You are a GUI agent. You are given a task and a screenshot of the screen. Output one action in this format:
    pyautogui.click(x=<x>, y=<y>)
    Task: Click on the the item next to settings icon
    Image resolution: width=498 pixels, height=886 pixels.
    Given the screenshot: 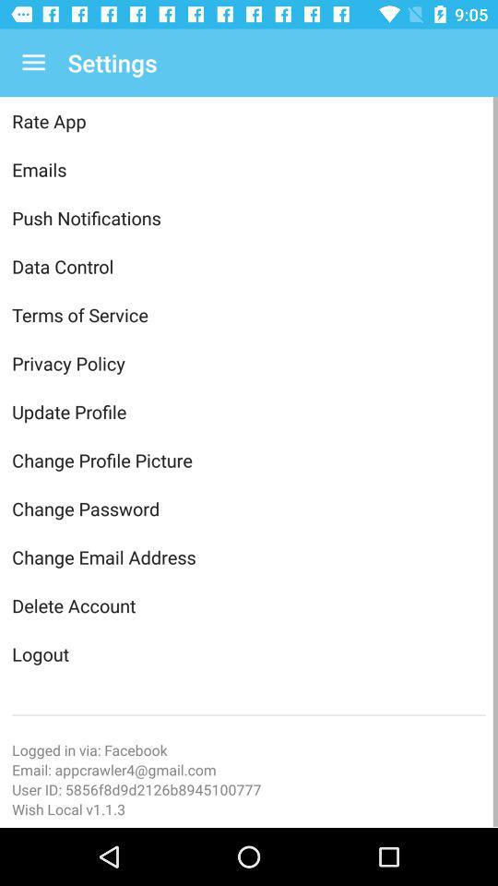 What is the action you would take?
    pyautogui.click(x=33, y=63)
    